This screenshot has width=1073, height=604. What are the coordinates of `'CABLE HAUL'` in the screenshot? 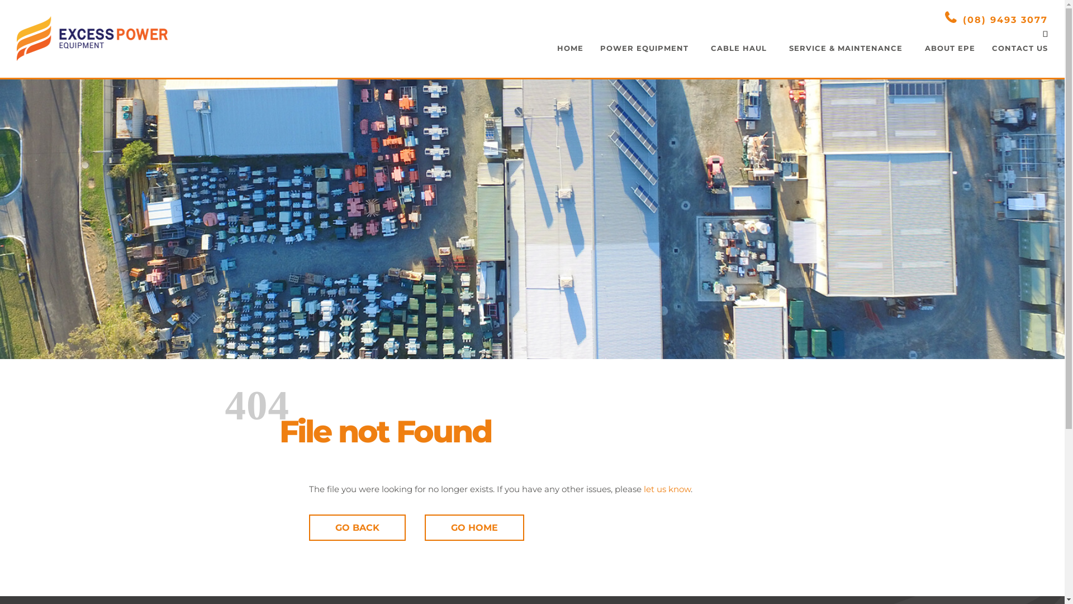 It's located at (738, 59).